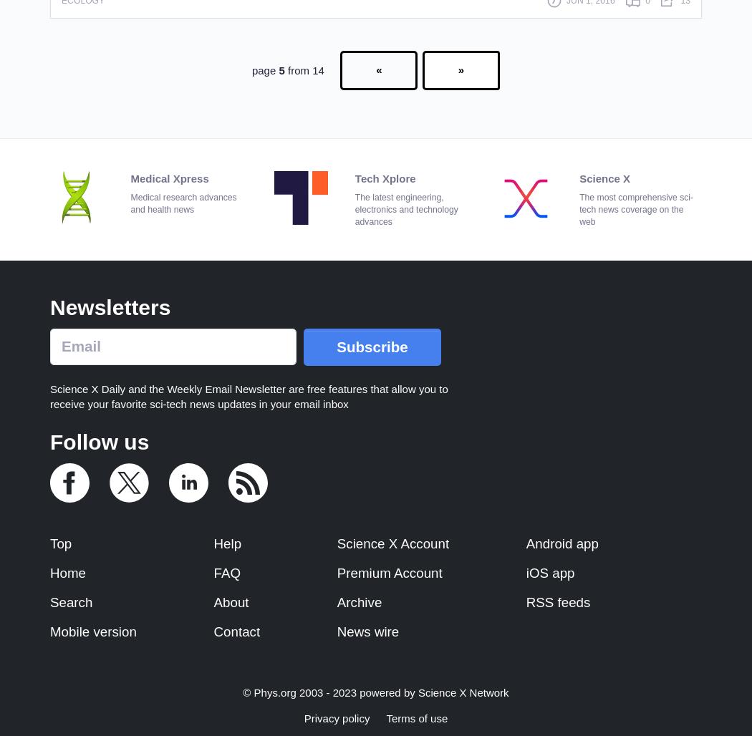 The height and width of the screenshot is (736, 752). What do you see at coordinates (561, 542) in the screenshot?
I see `'Android app'` at bounding box center [561, 542].